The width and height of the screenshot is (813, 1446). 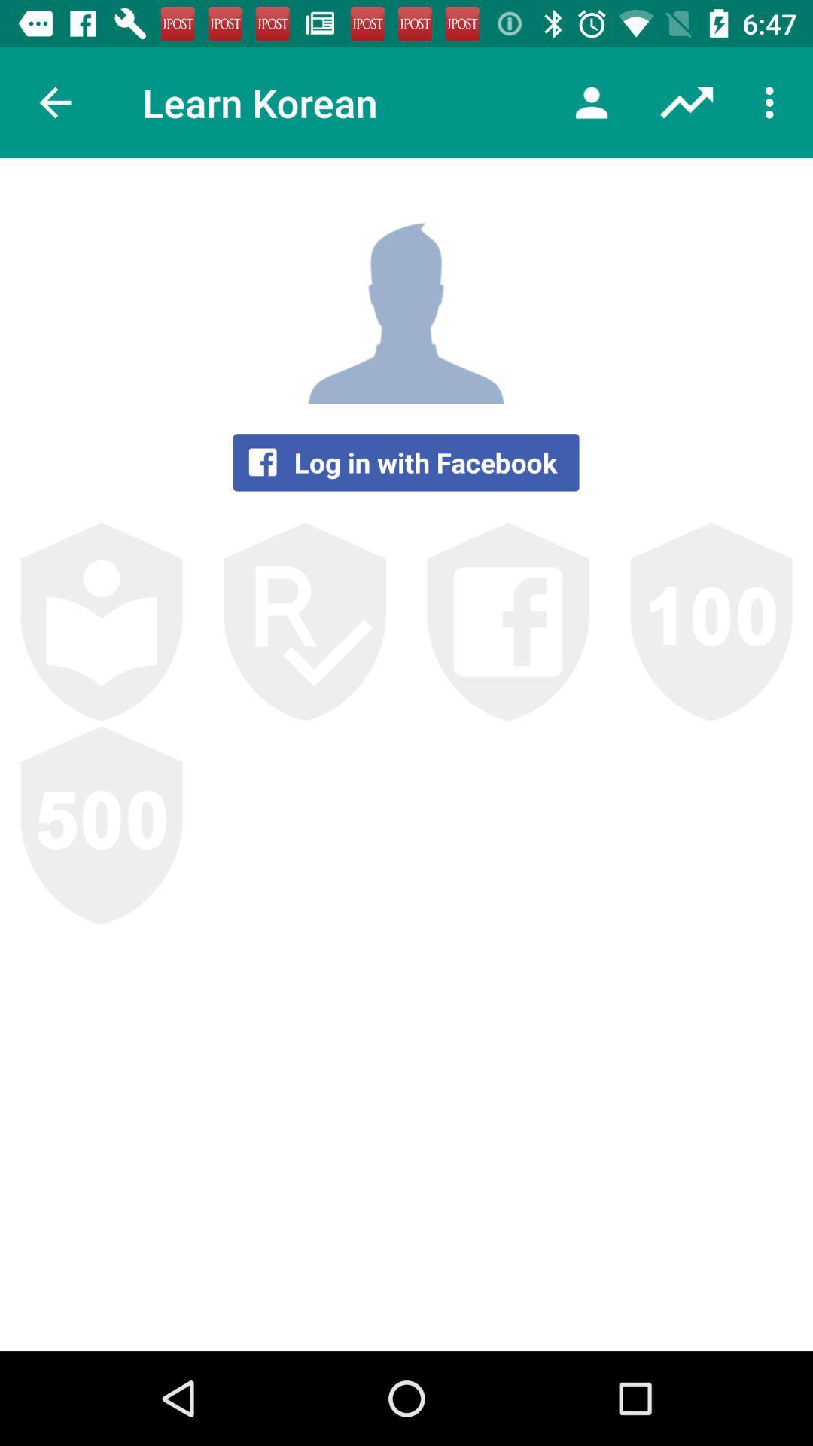 What do you see at coordinates (405, 462) in the screenshot?
I see `log in with icon` at bounding box center [405, 462].